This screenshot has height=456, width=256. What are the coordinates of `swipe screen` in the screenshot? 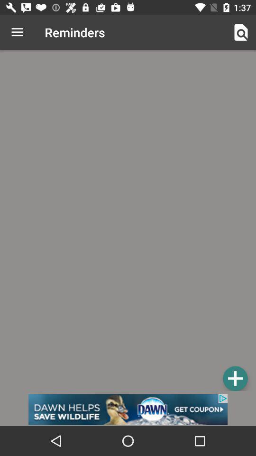 It's located at (128, 222).